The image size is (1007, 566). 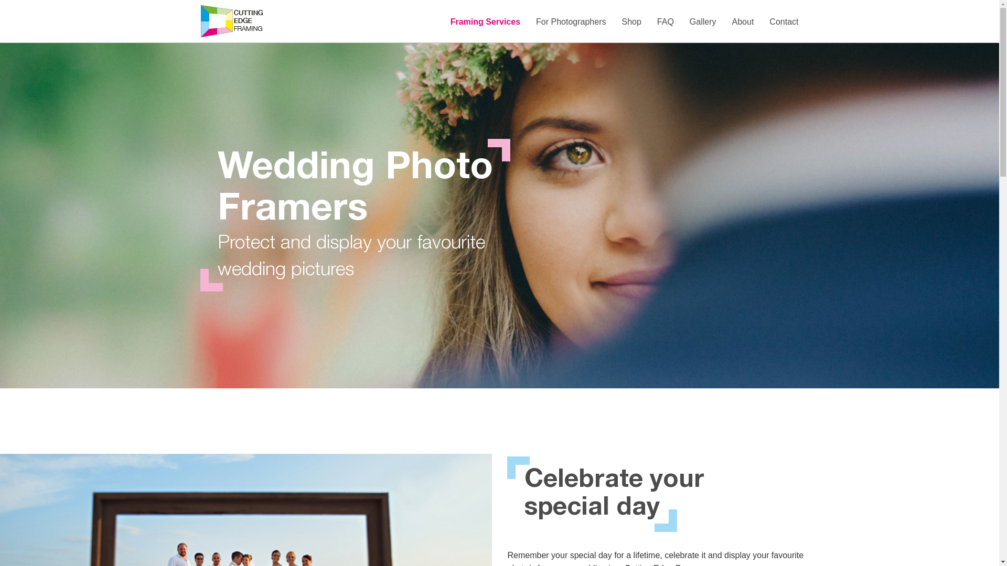 I want to click on 'Contact', so click(x=784, y=22).